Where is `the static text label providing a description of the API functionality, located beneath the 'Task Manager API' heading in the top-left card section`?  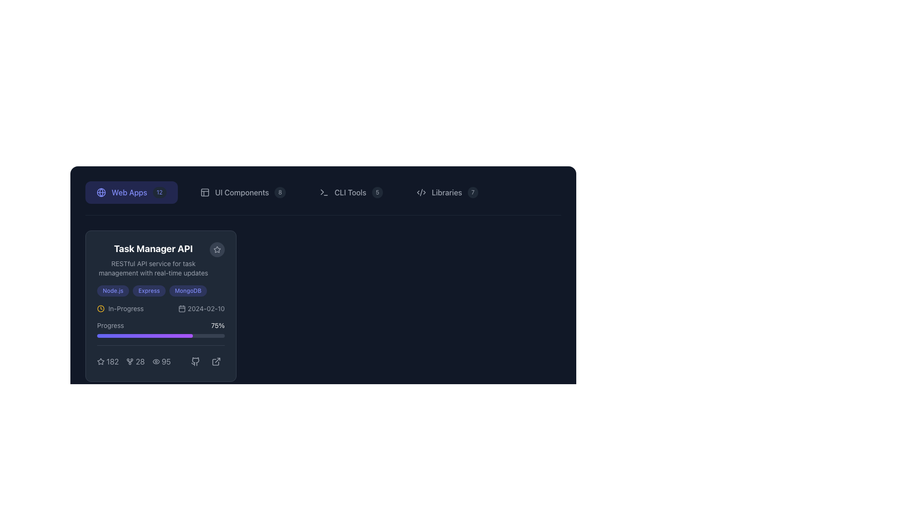 the static text label providing a description of the API functionality, located beneath the 'Task Manager API' heading in the top-left card section is located at coordinates (153, 268).